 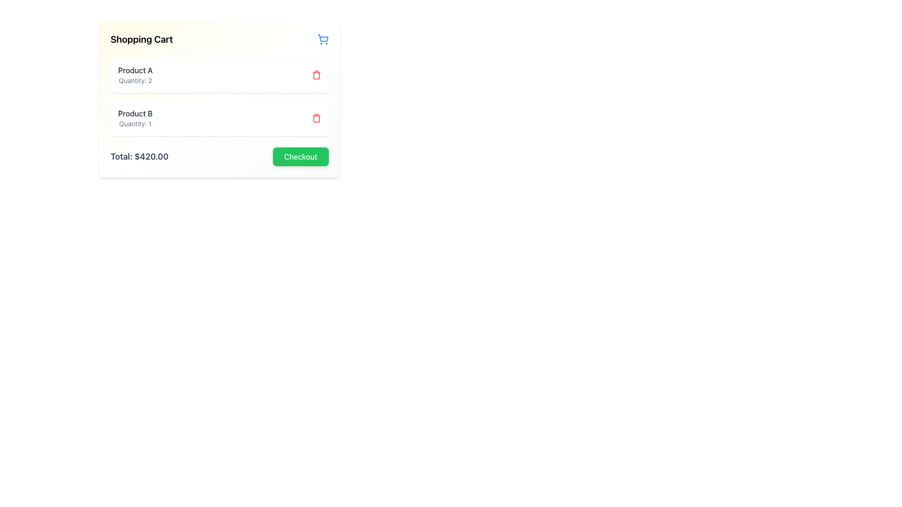 What do you see at coordinates (323, 39) in the screenshot?
I see `the shopping cart icon located to the far right of the main title text 'Shopping Cart'` at bounding box center [323, 39].